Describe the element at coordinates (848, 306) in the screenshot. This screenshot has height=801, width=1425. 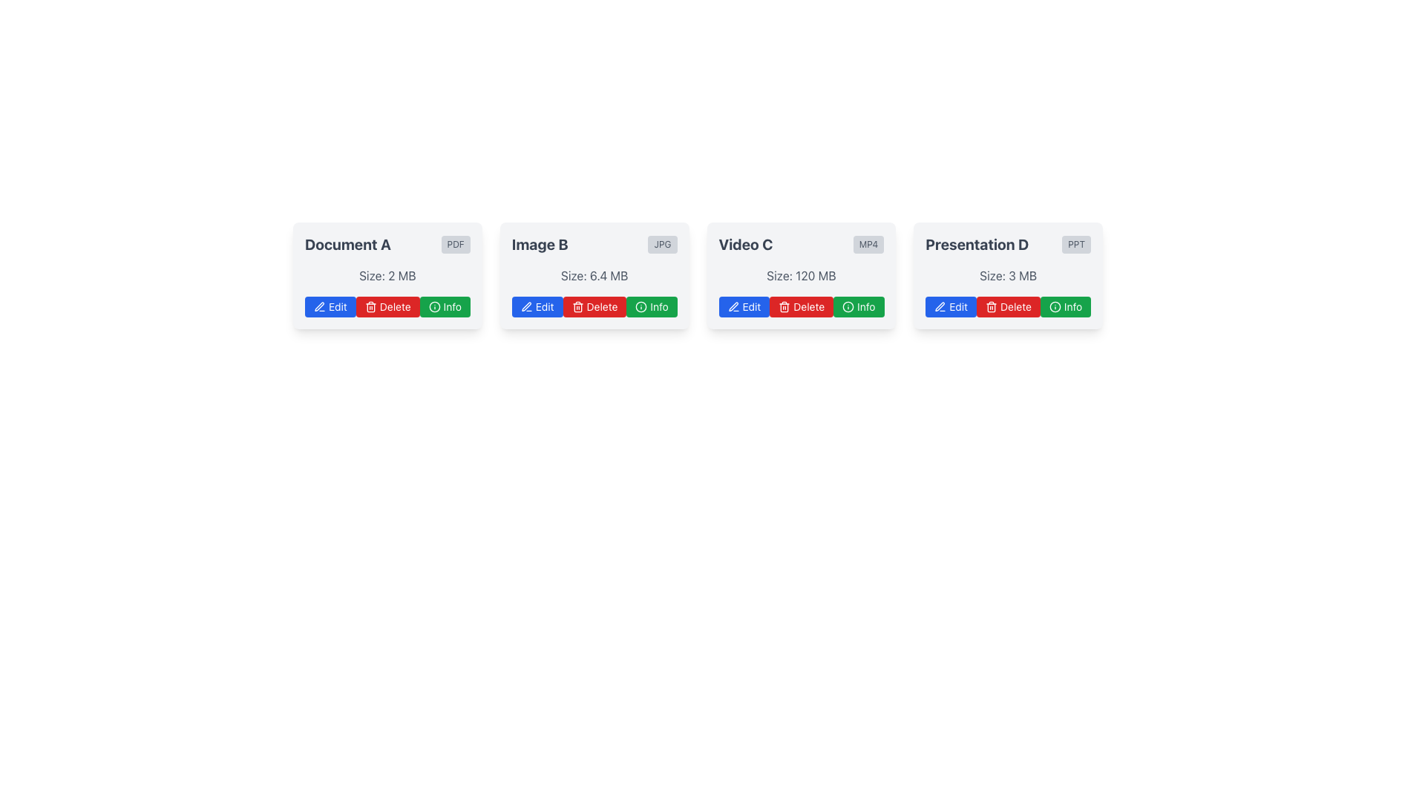
I see `the decorative part of the 'info' icon located in the top-right corner of the file card labeled 'Image B'` at that location.